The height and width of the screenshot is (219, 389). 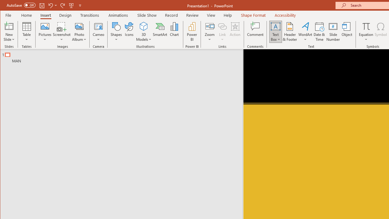 I want to click on 'Table', so click(x=26, y=32).